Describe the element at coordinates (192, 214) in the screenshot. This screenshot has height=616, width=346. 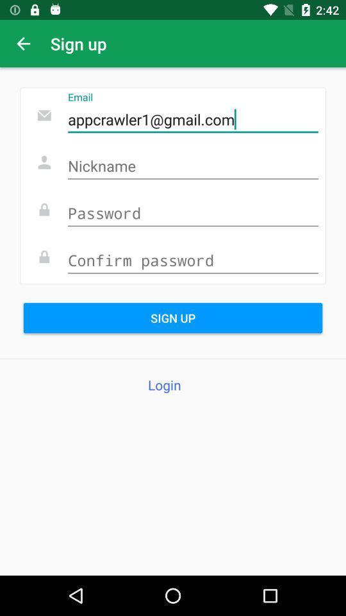
I see `enter the password` at that location.